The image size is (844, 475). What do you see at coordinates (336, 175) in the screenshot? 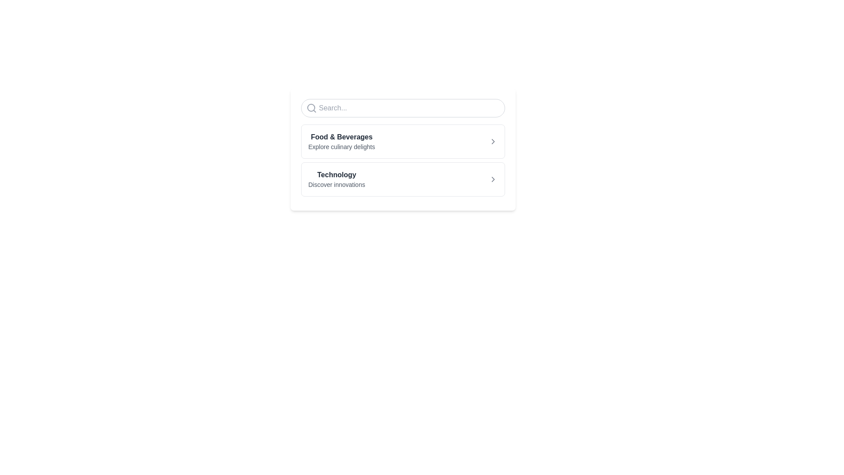
I see `text label 'Technology' which is the second item in a vertical list of categories, located below the header 'Food & Beverages'` at bounding box center [336, 175].